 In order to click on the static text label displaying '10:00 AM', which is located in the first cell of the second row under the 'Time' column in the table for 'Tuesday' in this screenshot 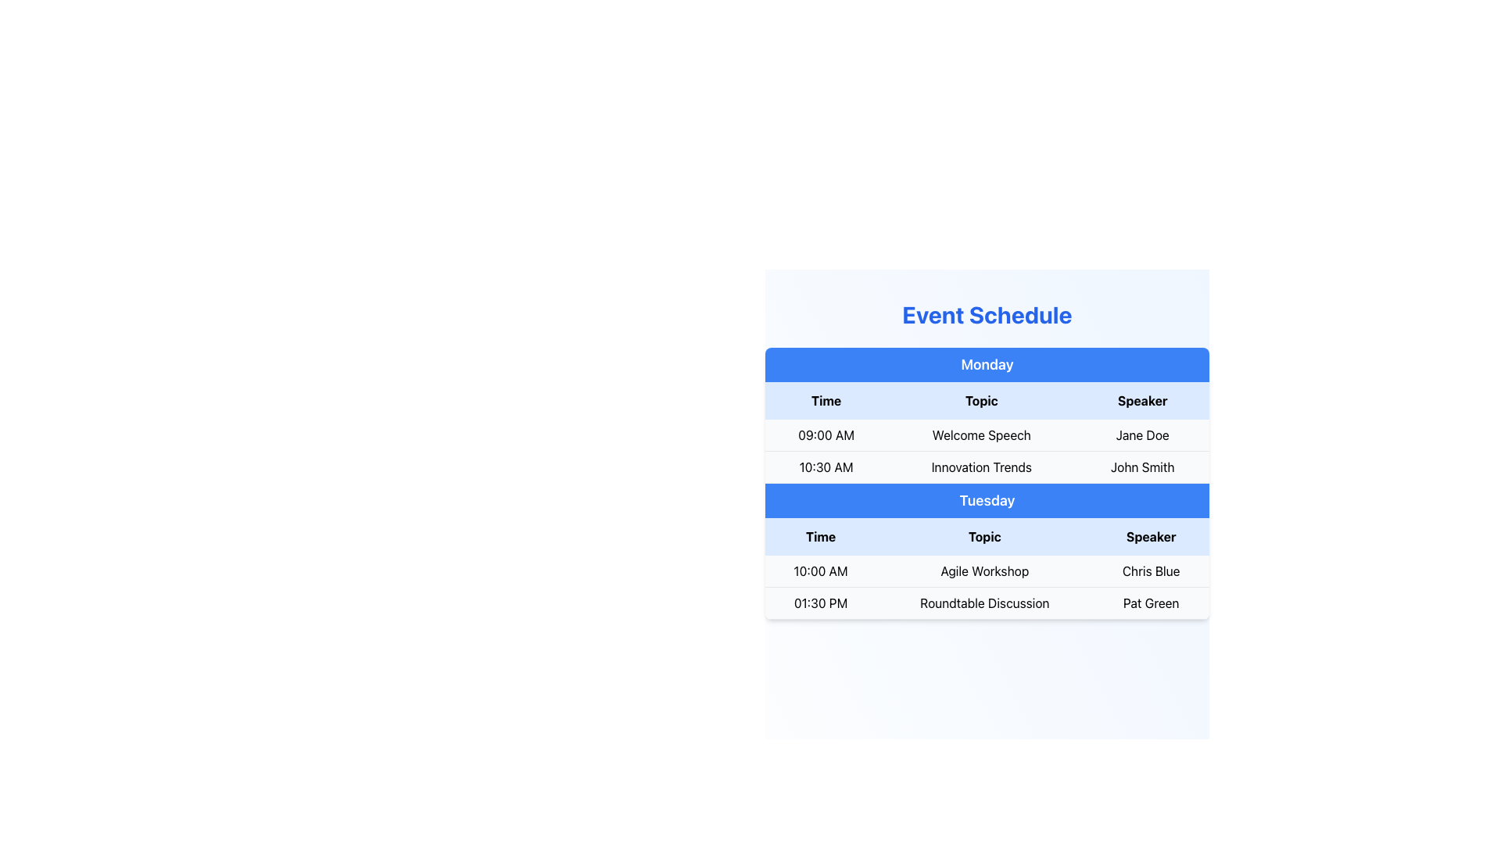, I will do `click(820, 571)`.